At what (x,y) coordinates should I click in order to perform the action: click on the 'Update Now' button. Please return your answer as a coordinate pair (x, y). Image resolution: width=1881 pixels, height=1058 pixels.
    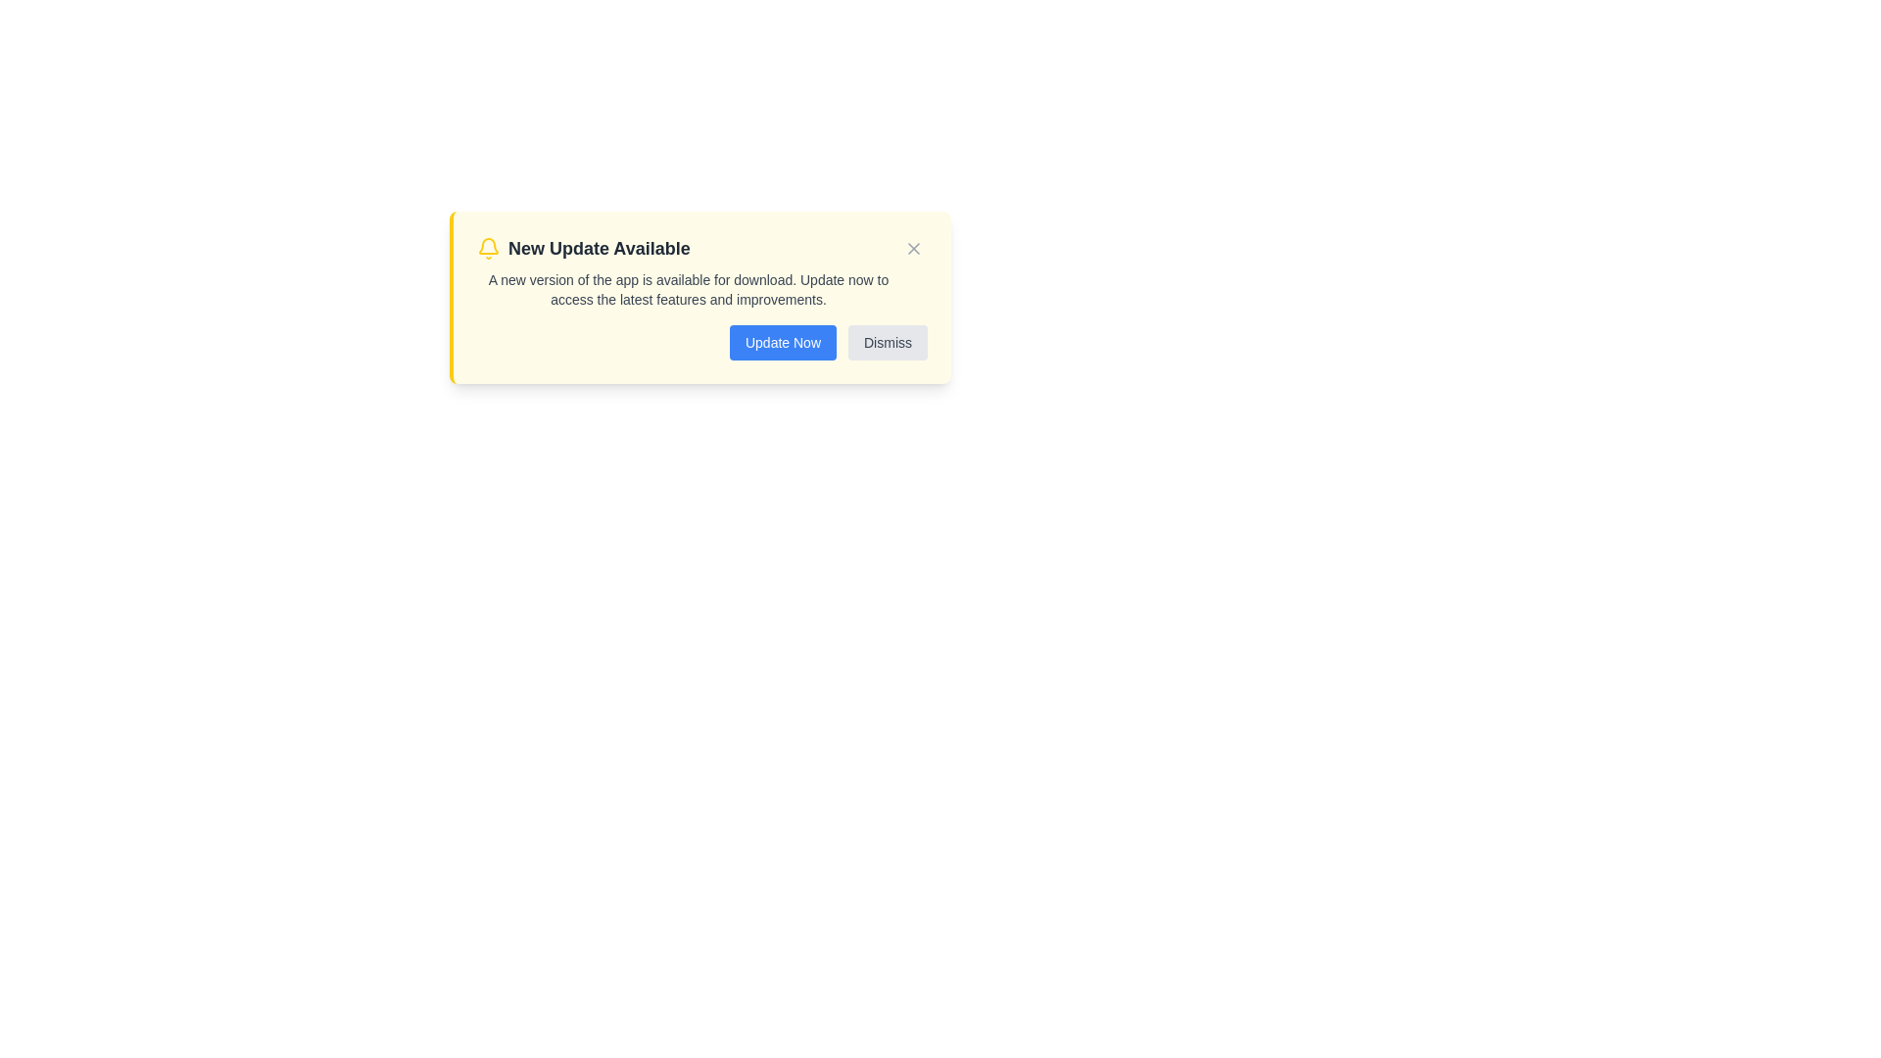
    Looking at the image, I should click on (781, 342).